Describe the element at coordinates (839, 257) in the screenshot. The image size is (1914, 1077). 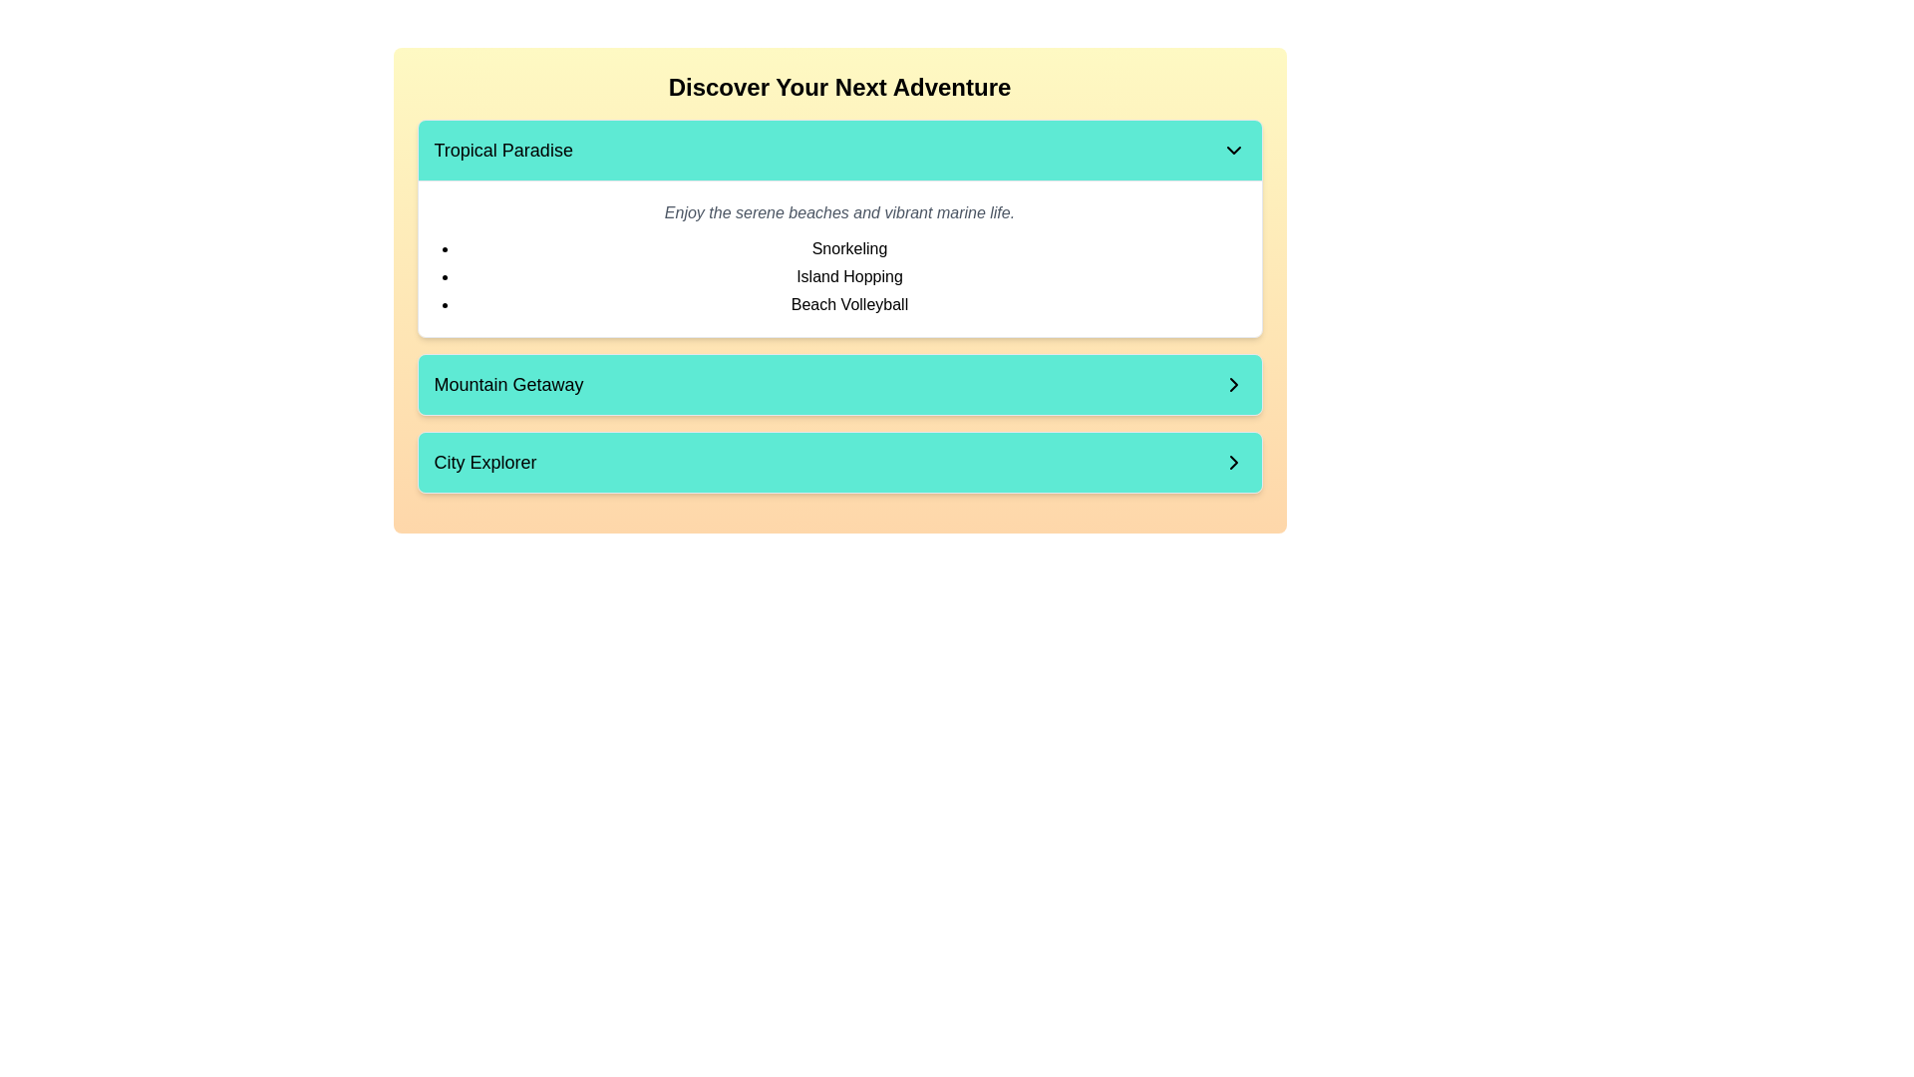
I see `the content block that provides details and a list of activities related to the 'Tropical Paradise' theme, located in the second section of the panel below the header 'Tropical Paradise'` at that location.